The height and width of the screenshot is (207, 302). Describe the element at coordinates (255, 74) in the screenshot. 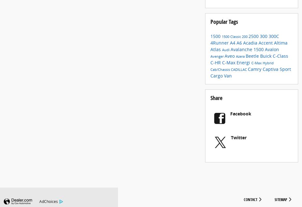

I see `'Camry'` at that location.